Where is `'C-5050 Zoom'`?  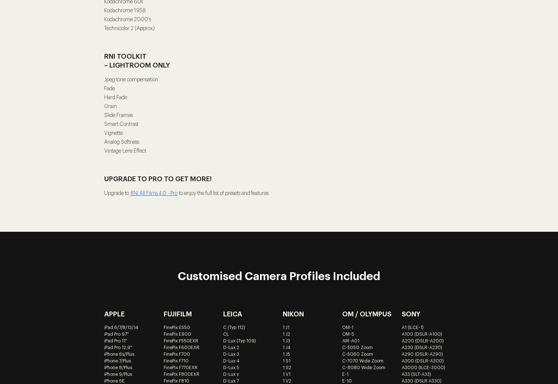 'C-5050 Zoom' is located at coordinates (357, 347).